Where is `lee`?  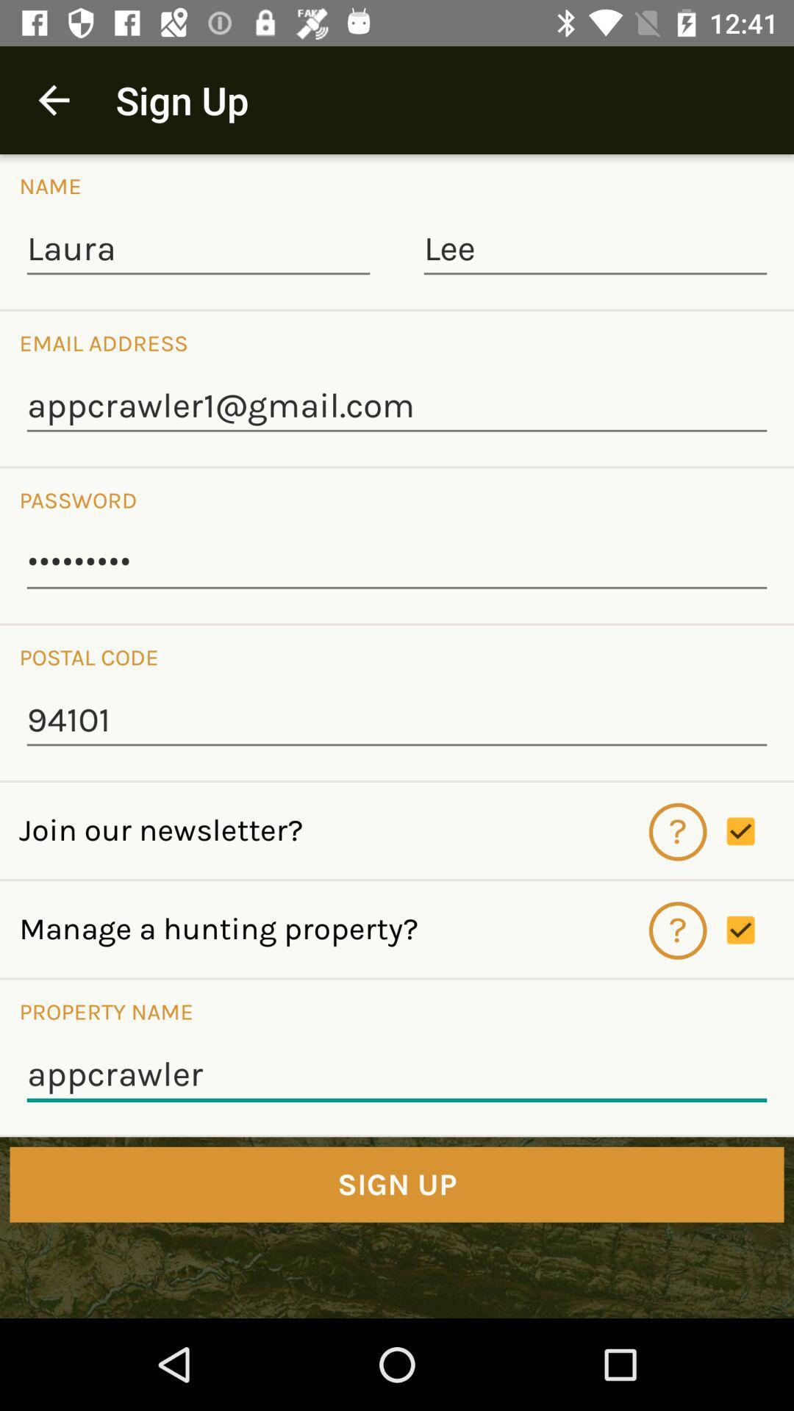
lee is located at coordinates (595, 250).